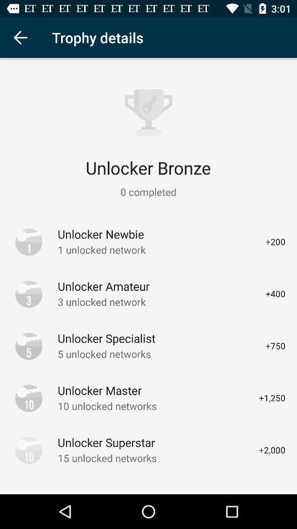 Image resolution: width=297 pixels, height=529 pixels. What do you see at coordinates (20, 37) in the screenshot?
I see `item next to the trophy details icon` at bounding box center [20, 37].